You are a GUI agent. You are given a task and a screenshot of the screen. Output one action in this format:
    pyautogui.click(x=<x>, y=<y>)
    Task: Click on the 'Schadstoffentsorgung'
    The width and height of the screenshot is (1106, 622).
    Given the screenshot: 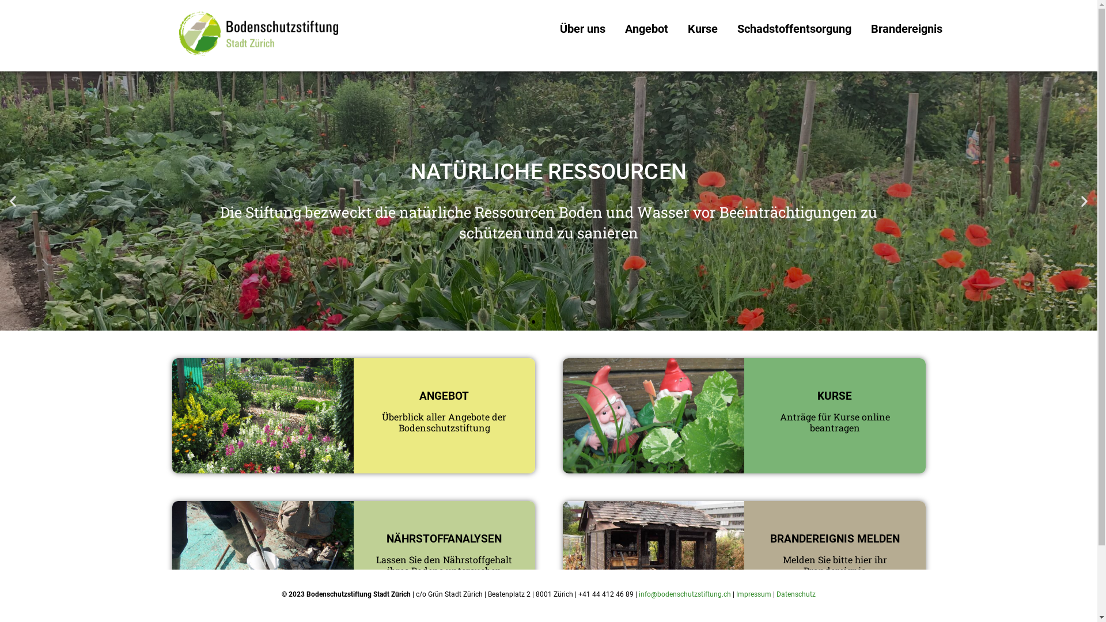 What is the action you would take?
    pyautogui.click(x=726, y=28)
    